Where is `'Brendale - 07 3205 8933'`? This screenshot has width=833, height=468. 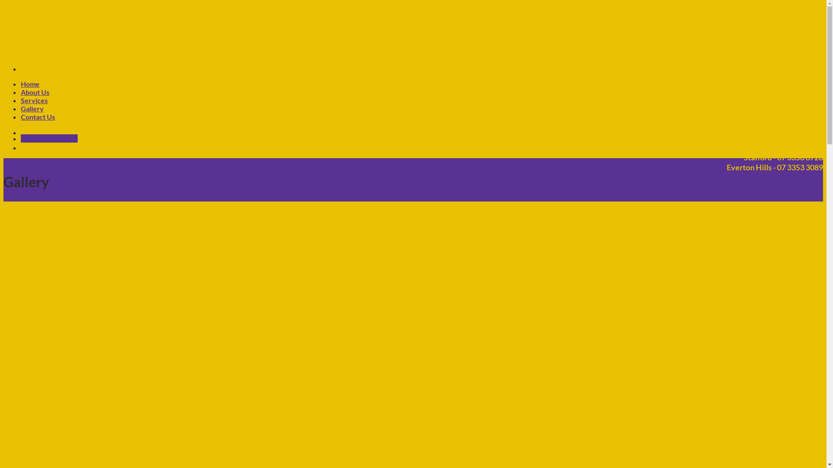 'Brendale - 07 3205 8933' is located at coordinates (775, 147).